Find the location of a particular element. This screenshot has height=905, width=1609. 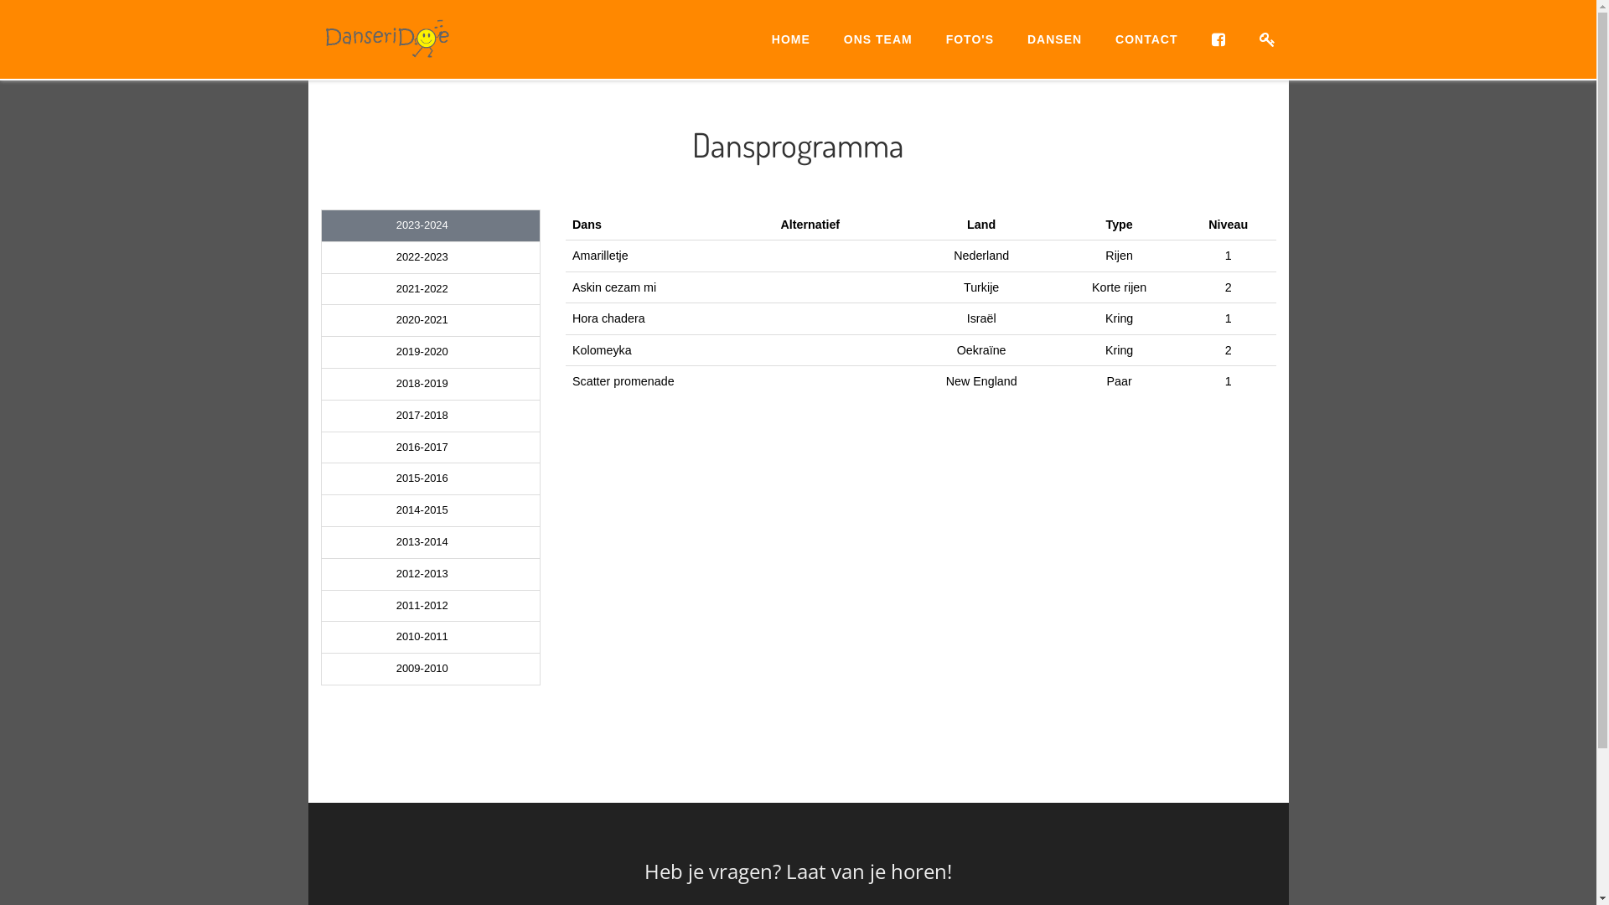

'2010-2011' is located at coordinates (431, 637).